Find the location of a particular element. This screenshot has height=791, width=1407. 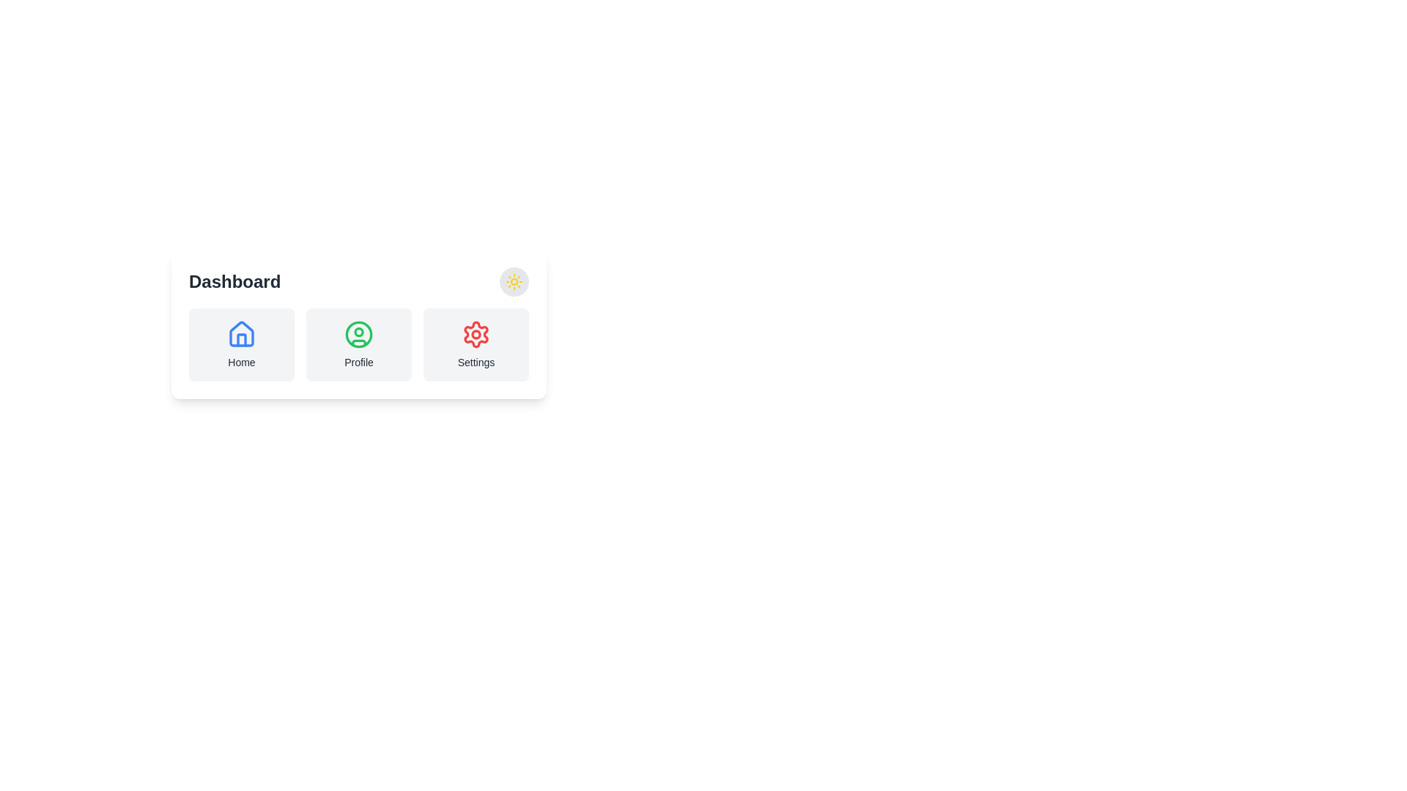

the button located at the top right of the 'Dashboard' section is located at coordinates (514, 282).